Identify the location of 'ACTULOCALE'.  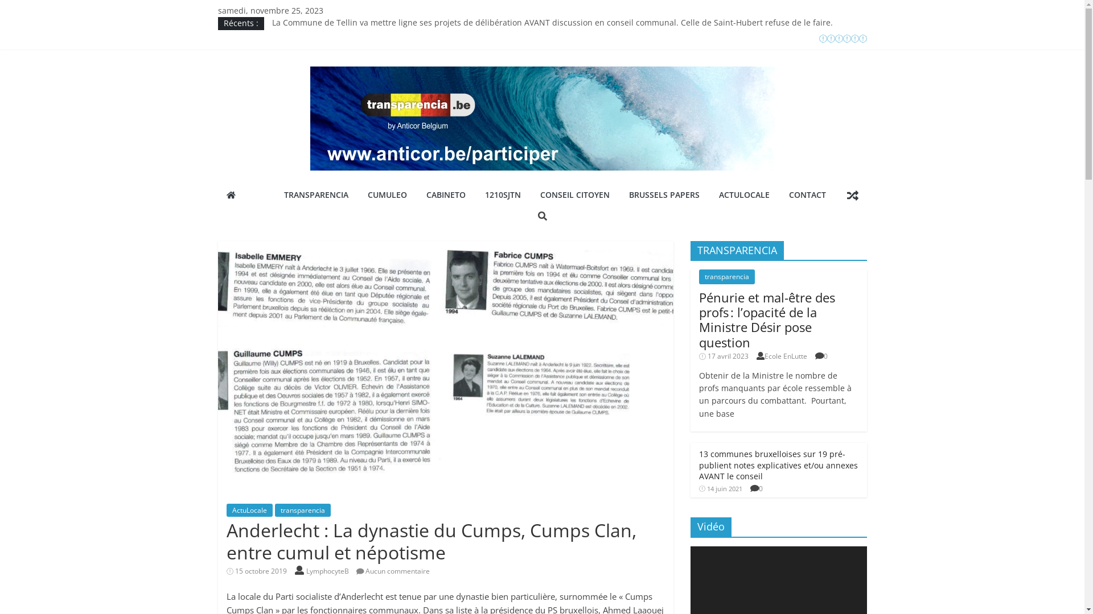
(710, 194).